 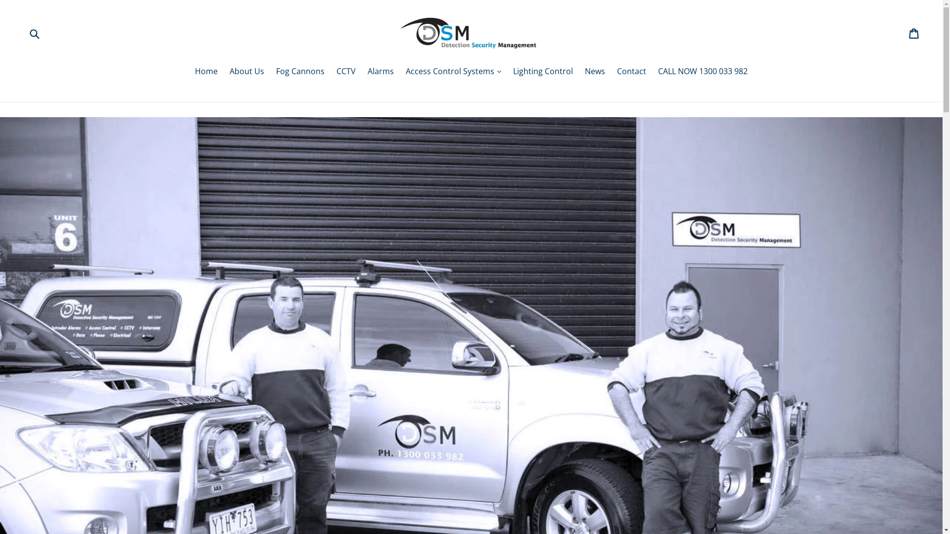 What do you see at coordinates (34, 33) in the screenshot?
I see `'Submit'` at bounding box center [34, 33].